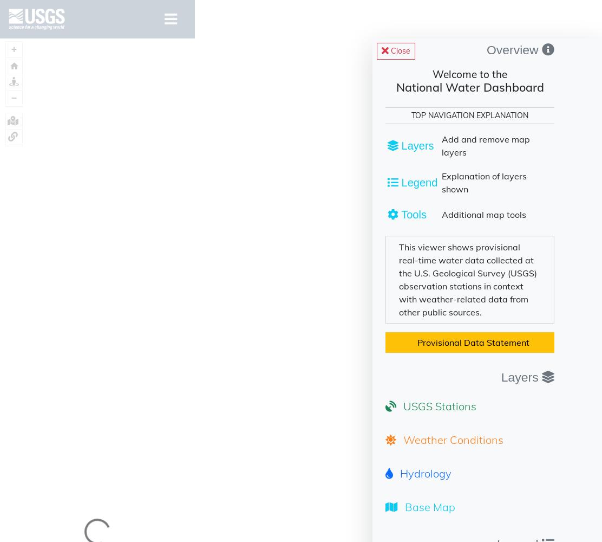 This screenshot has height=542, width=602. Describe the element at coordinates (469, 87) in the screenshot. I see `'National Water Dashboard'` at that location.